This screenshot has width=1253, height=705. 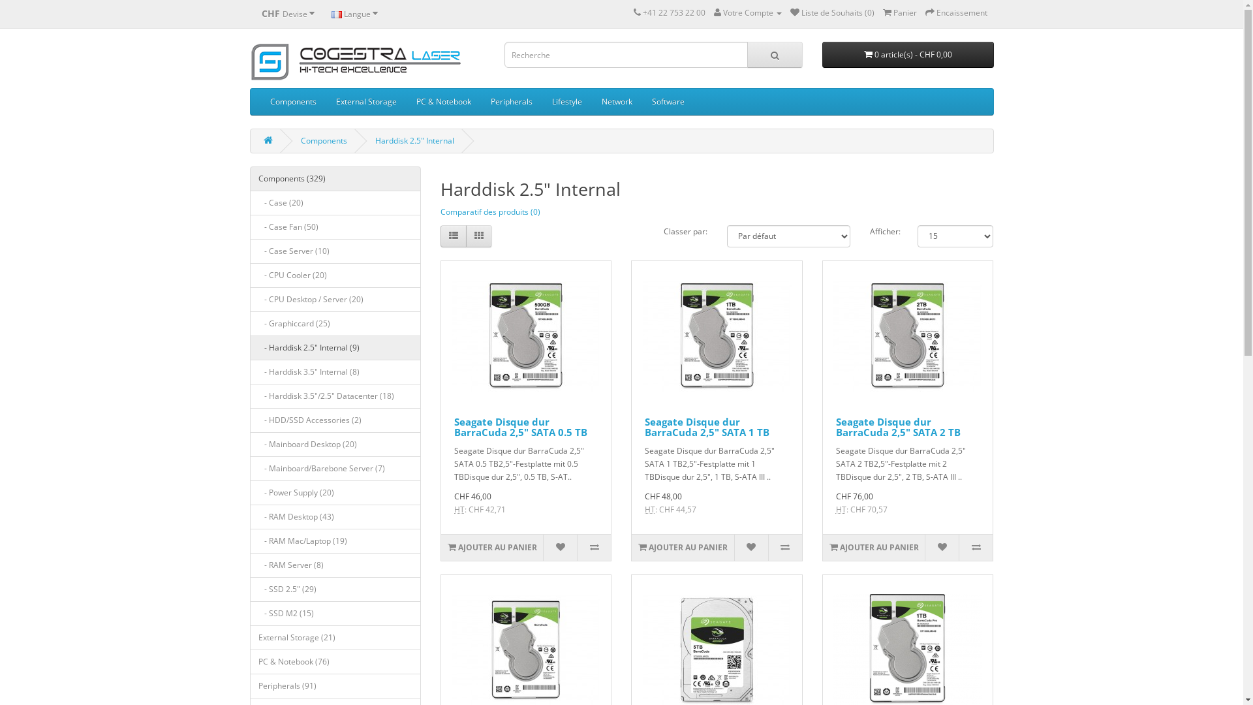 I want to click on 'Software', so click(x=642, y=101).